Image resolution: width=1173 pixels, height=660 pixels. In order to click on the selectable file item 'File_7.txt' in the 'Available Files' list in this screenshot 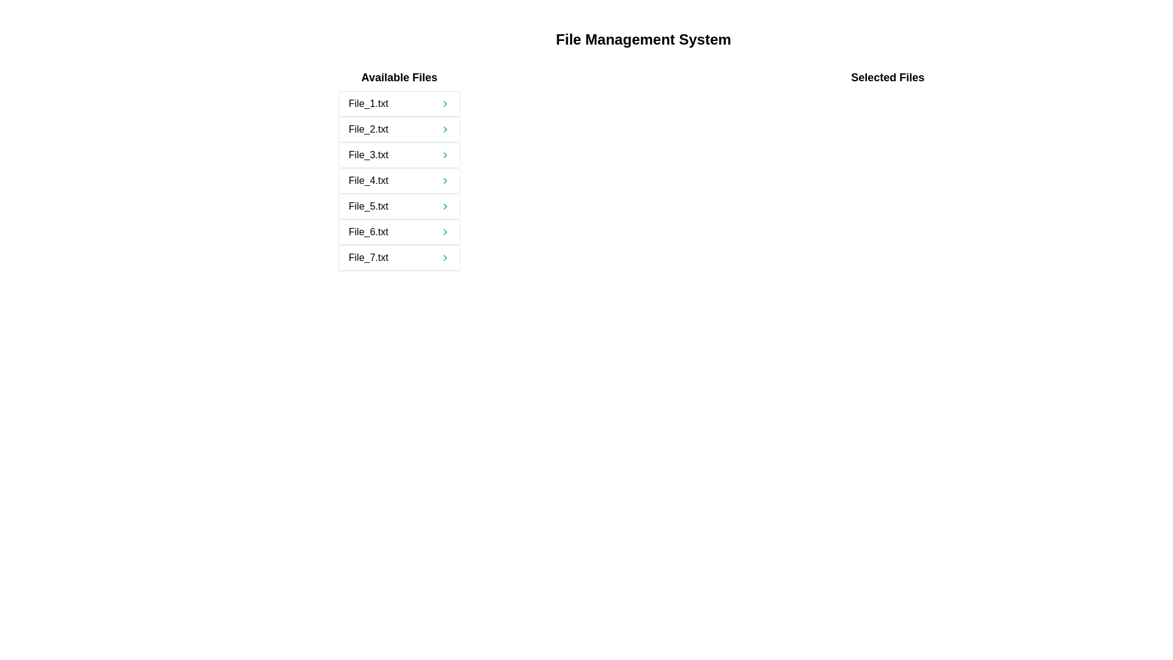, I will do `click(399, 257)`.